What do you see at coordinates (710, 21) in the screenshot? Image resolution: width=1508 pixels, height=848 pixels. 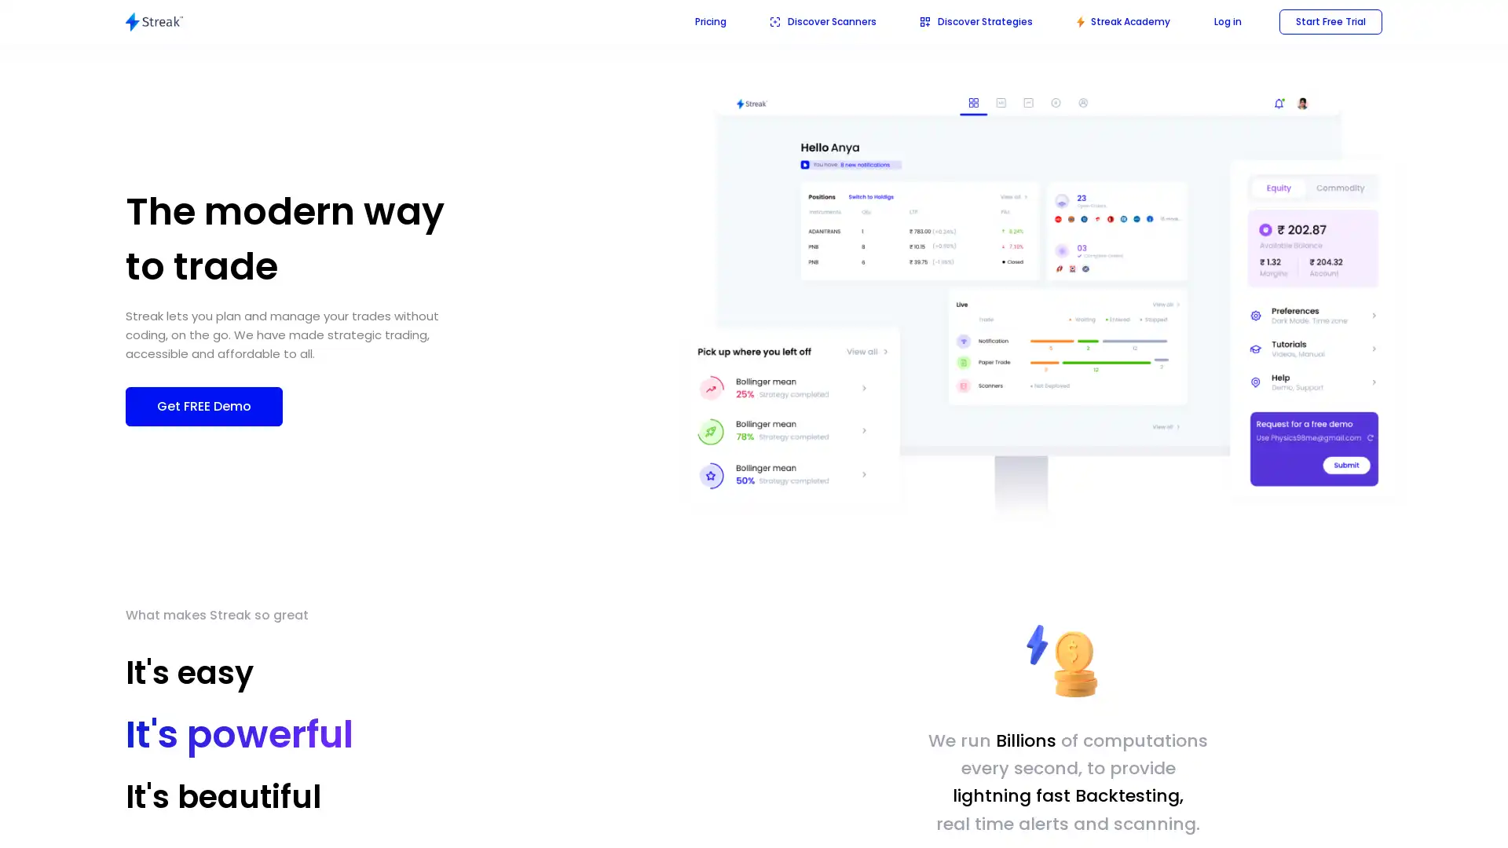 I see `Pricing` at bounding box center [710, 21].